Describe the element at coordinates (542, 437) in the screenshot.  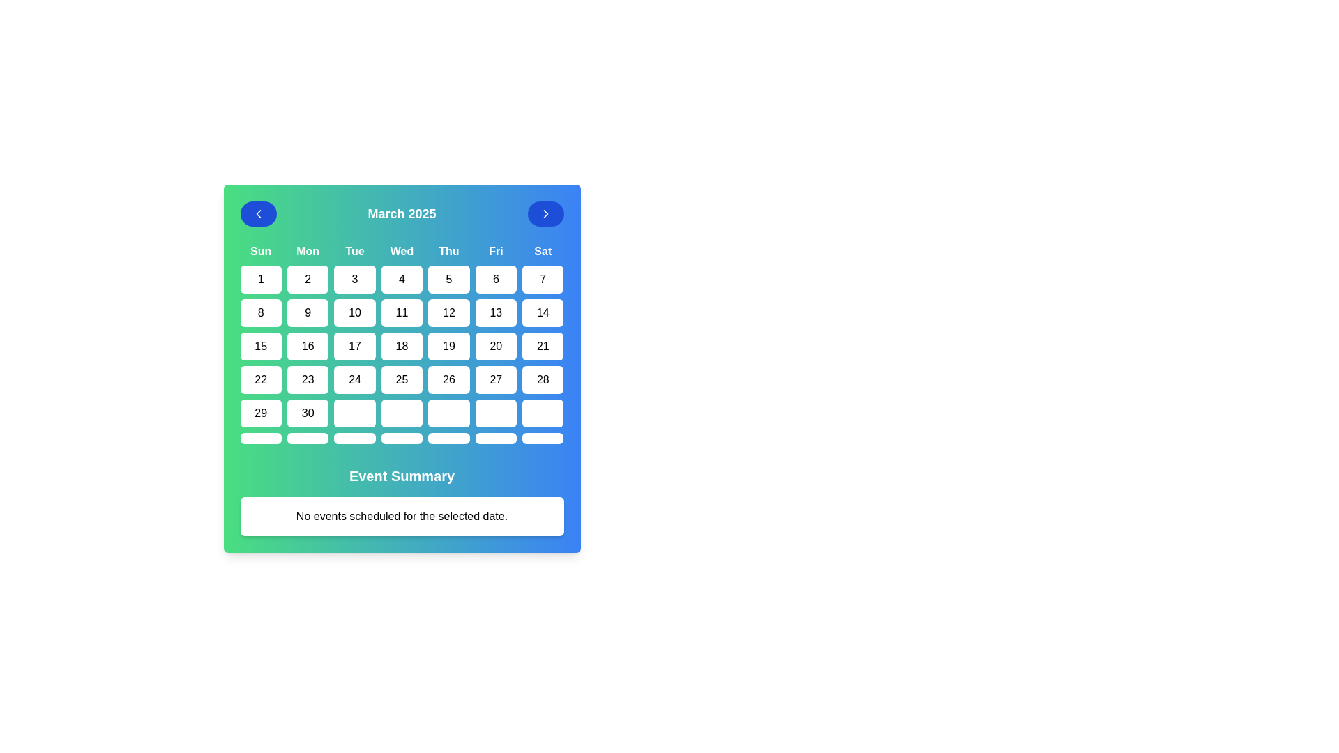
I see `the interactive day slot button representing Saturday in the calendar` at that location.